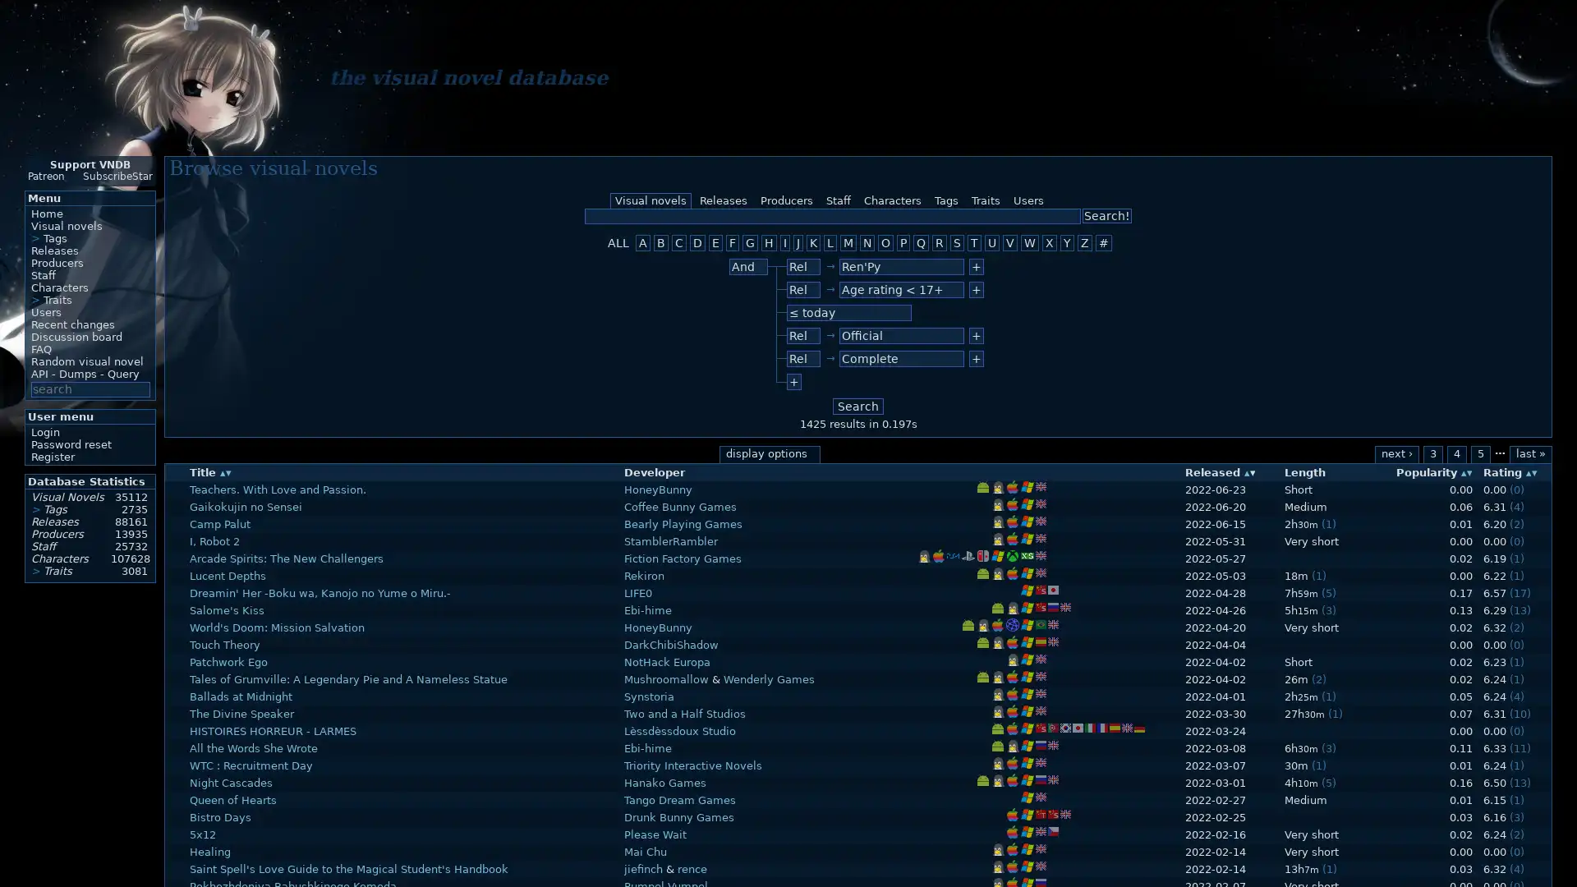 Image resolution: width=1577 pixels, height=887 pixels. Describe the element at coordinates (641, 243) in the screenshot. I see `A` at that location.